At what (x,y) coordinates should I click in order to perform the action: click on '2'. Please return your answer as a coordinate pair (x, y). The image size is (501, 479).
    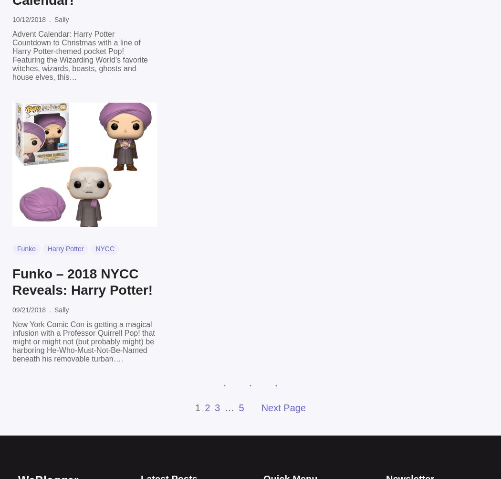
    Looking at the image, I should click on (207, 407).